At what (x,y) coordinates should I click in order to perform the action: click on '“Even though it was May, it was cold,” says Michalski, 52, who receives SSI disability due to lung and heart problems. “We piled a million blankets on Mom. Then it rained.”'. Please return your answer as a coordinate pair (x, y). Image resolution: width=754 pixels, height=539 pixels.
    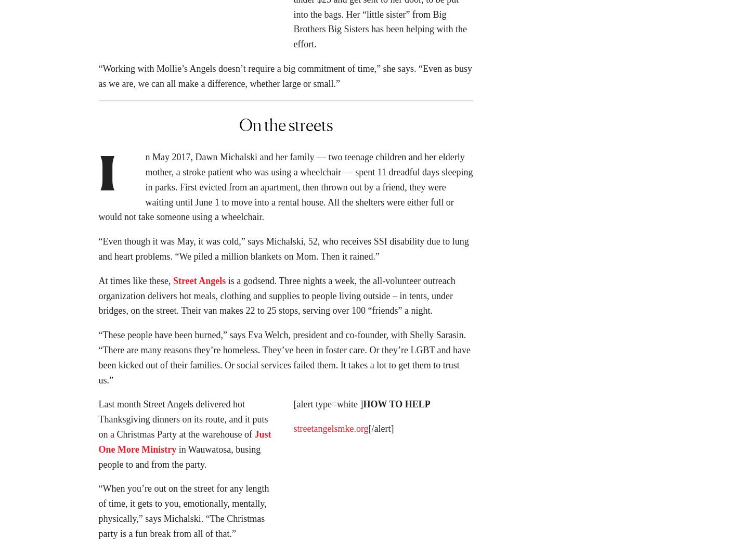
    Looking at the image, I should click on (283, 252).